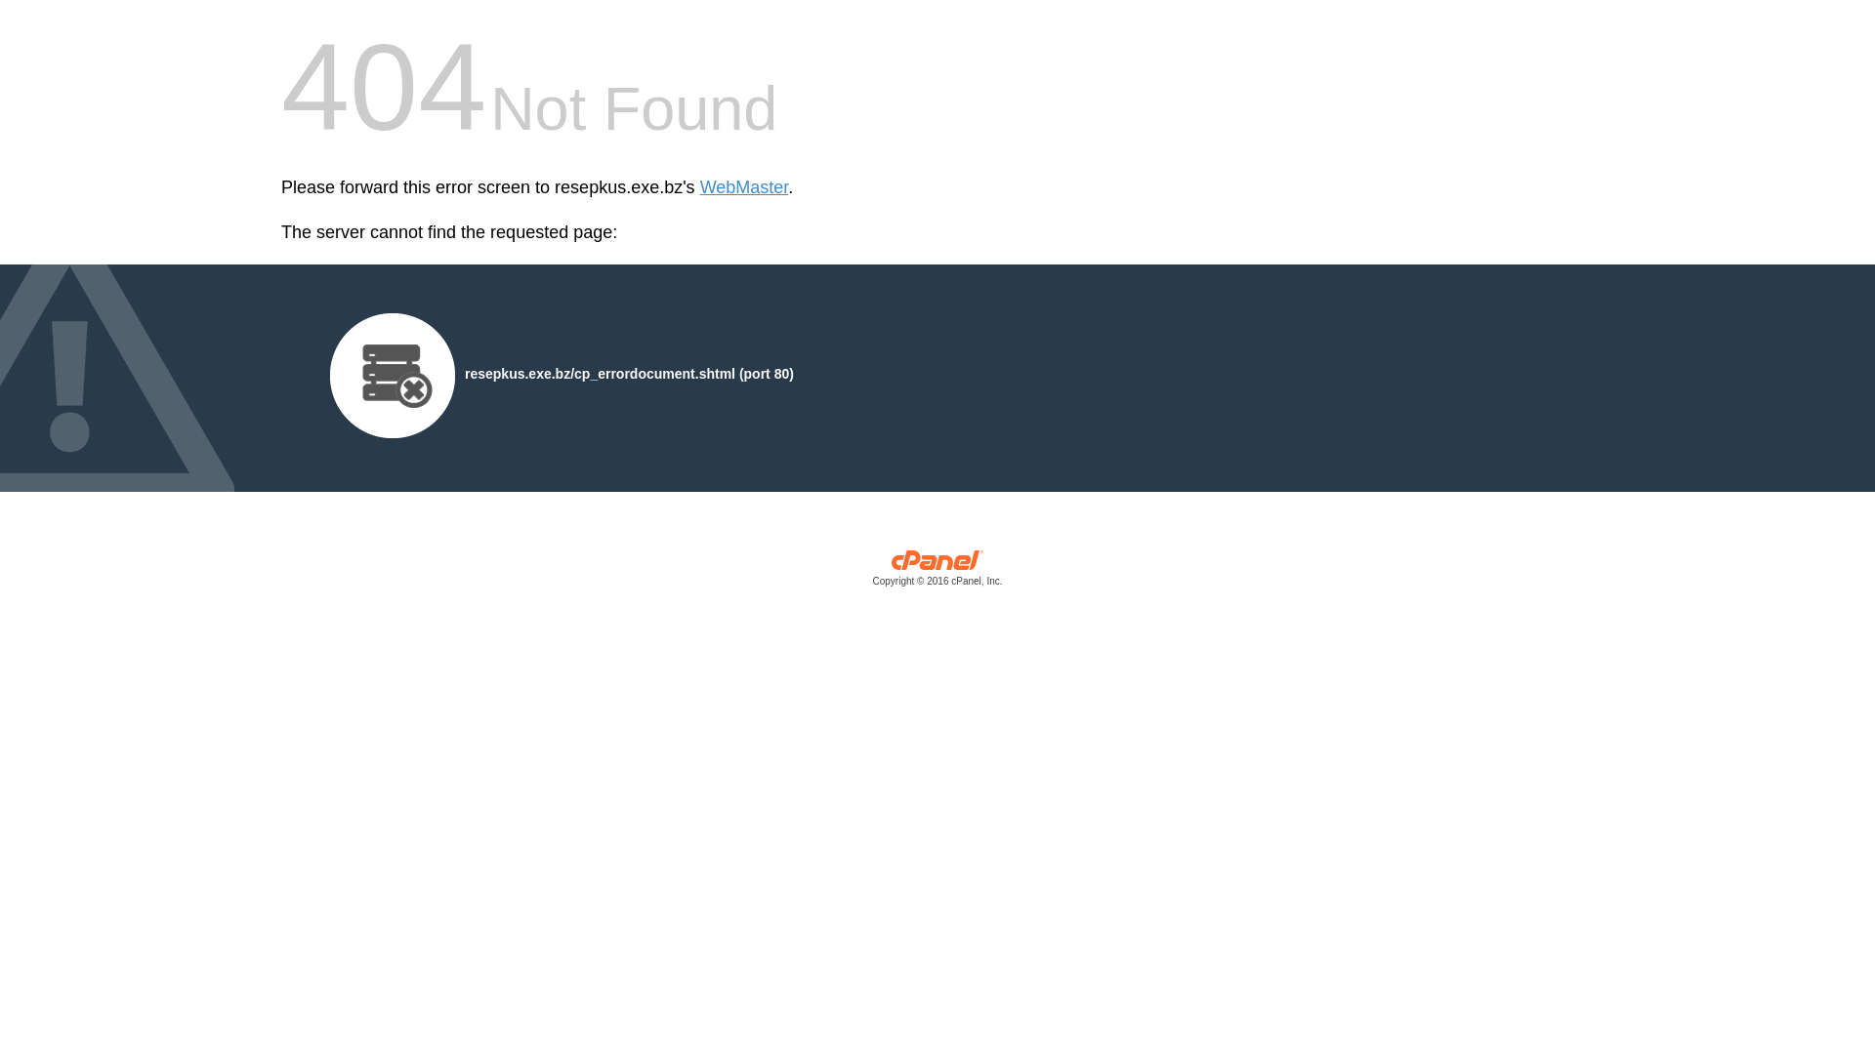 The height and width of the screenshot is (1054, 1875). Describe the element at coordinates (699, 187) in the screenshot. I see `'WebMaster'` at that location.